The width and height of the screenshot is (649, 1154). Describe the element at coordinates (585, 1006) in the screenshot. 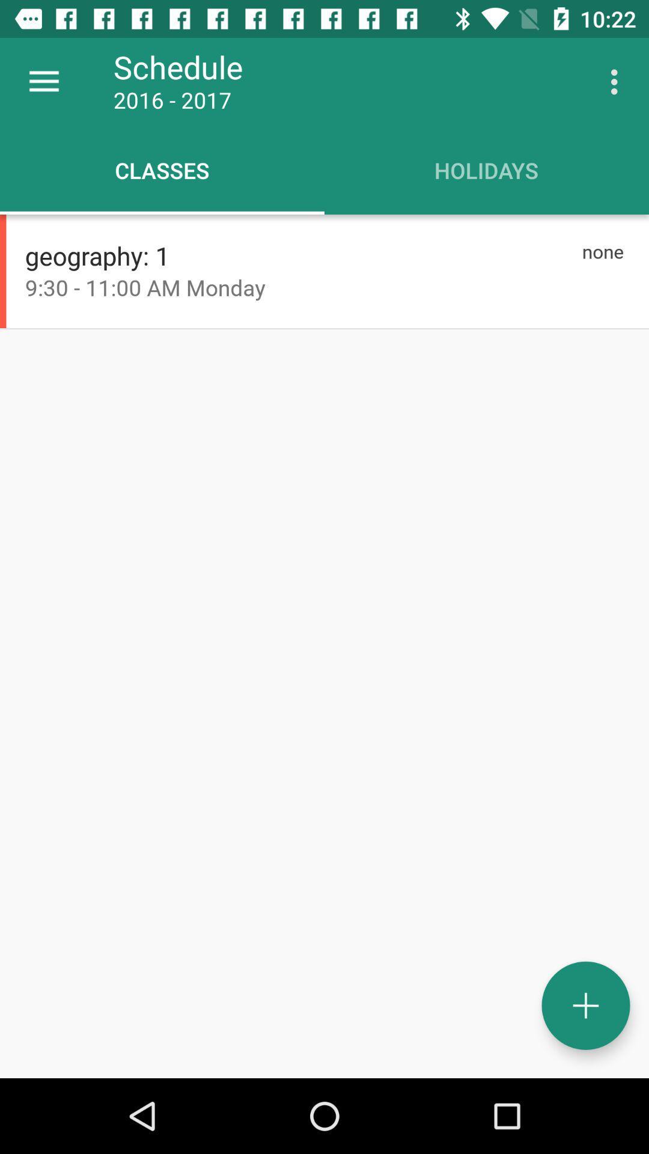

I see `icon at the bottom right corner` at that location.